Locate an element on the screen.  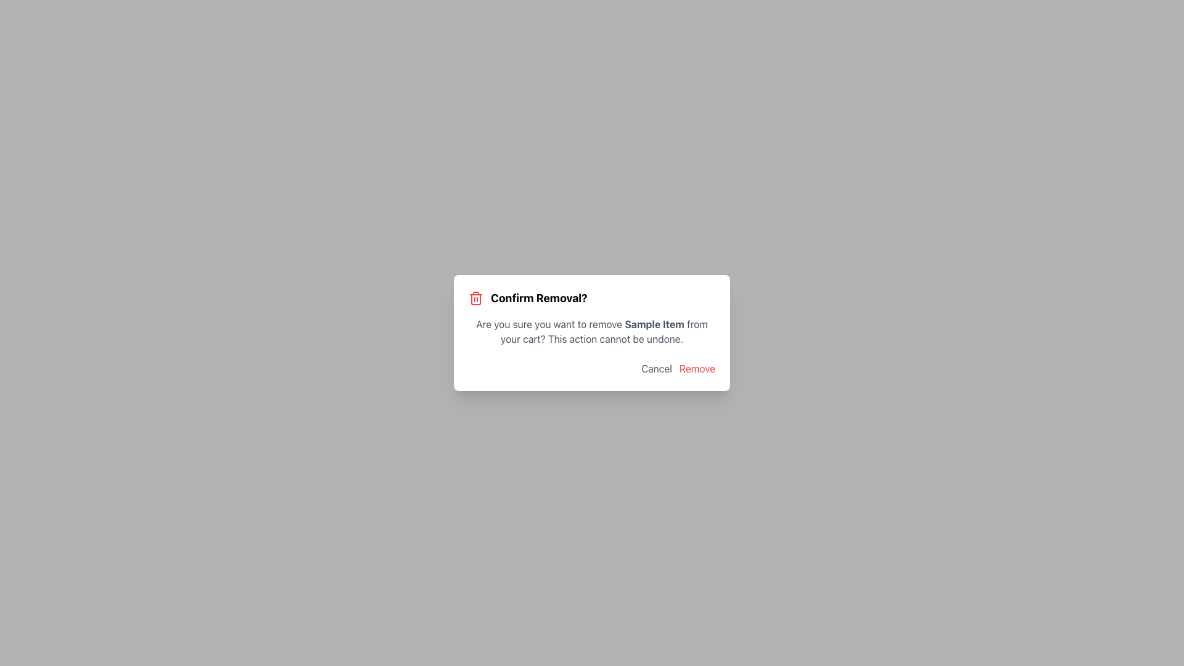
the red trash icon located at the leftmost side of the top section in the modal dialog box, which is positioned to the left of the text 'Confirm Removal?' is located at coordinates (475, 298).